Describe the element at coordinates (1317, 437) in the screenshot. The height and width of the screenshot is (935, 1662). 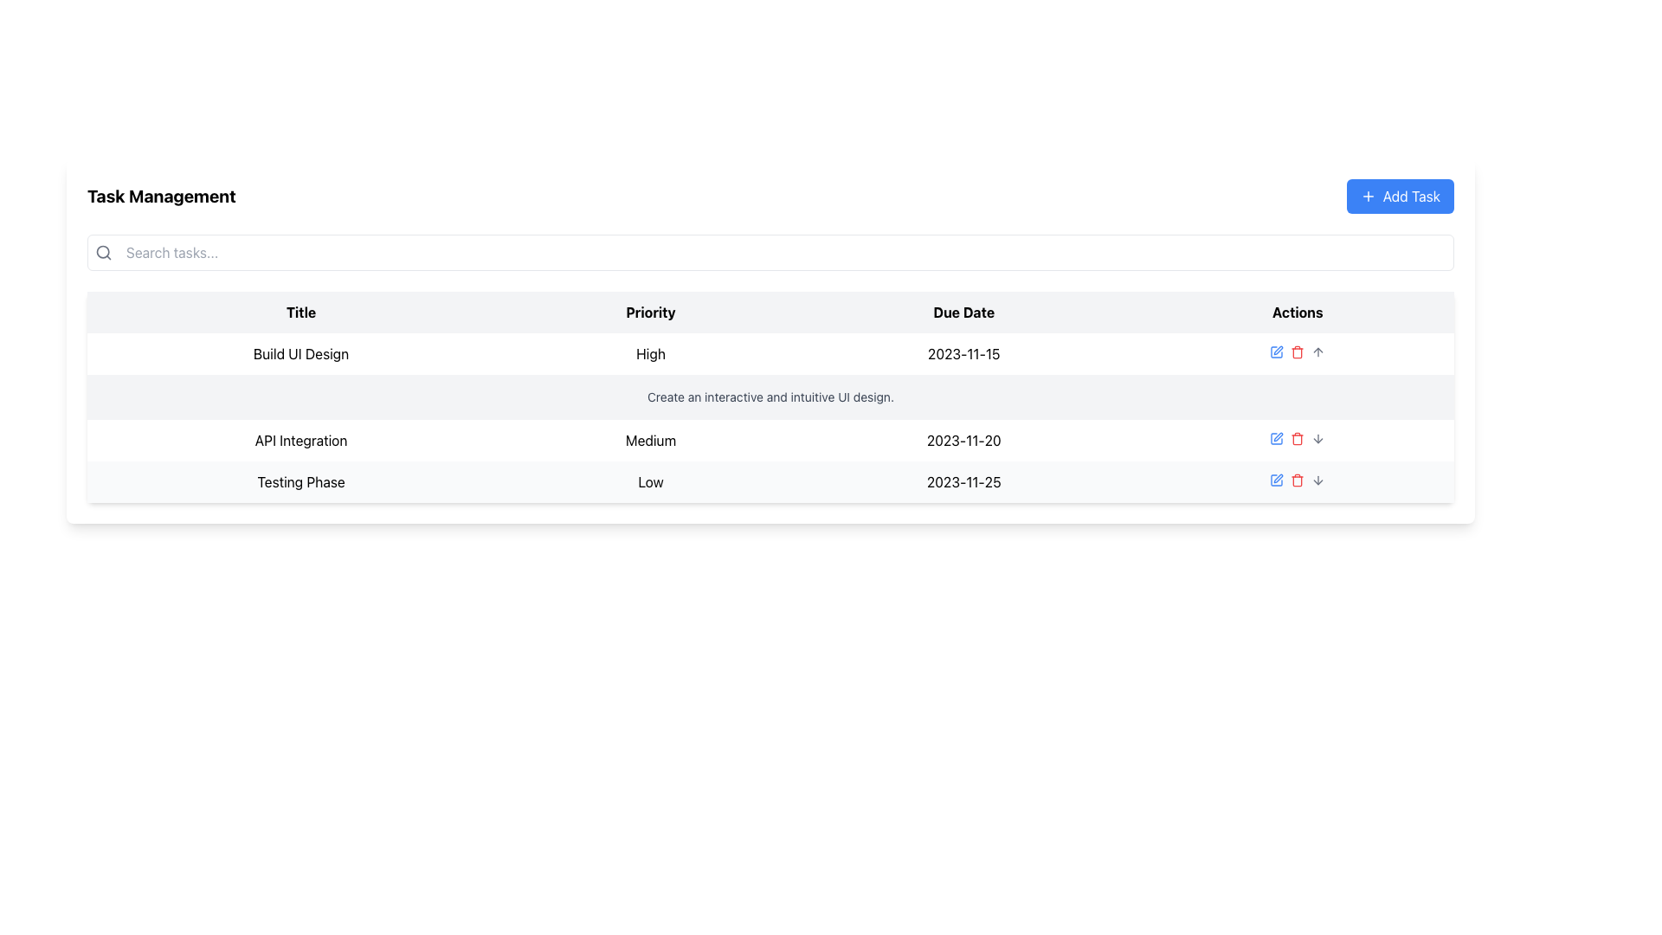
I see `the gray icon button represented by a downward arrow in the 'Actions' column of the third row labeled 'Testing Phase'` at that location.